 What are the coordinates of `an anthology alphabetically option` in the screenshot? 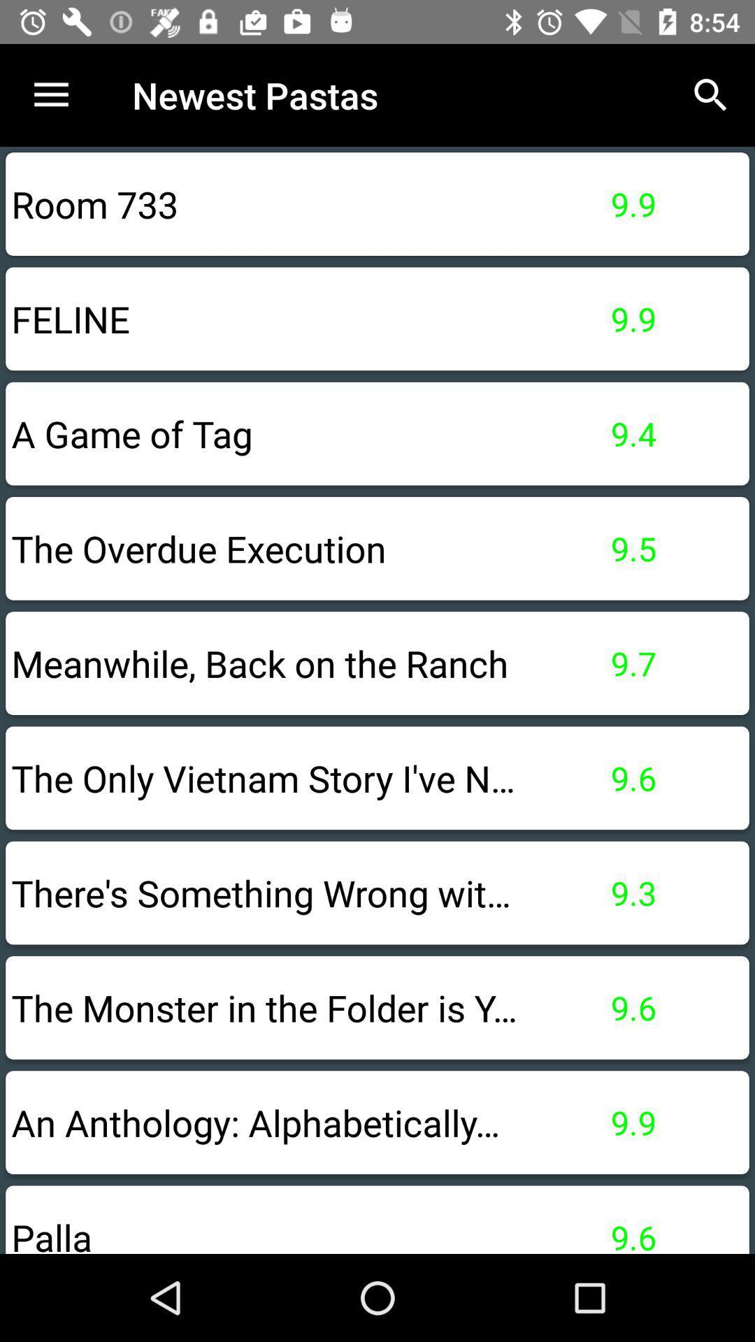 It's located at (377, 1123).